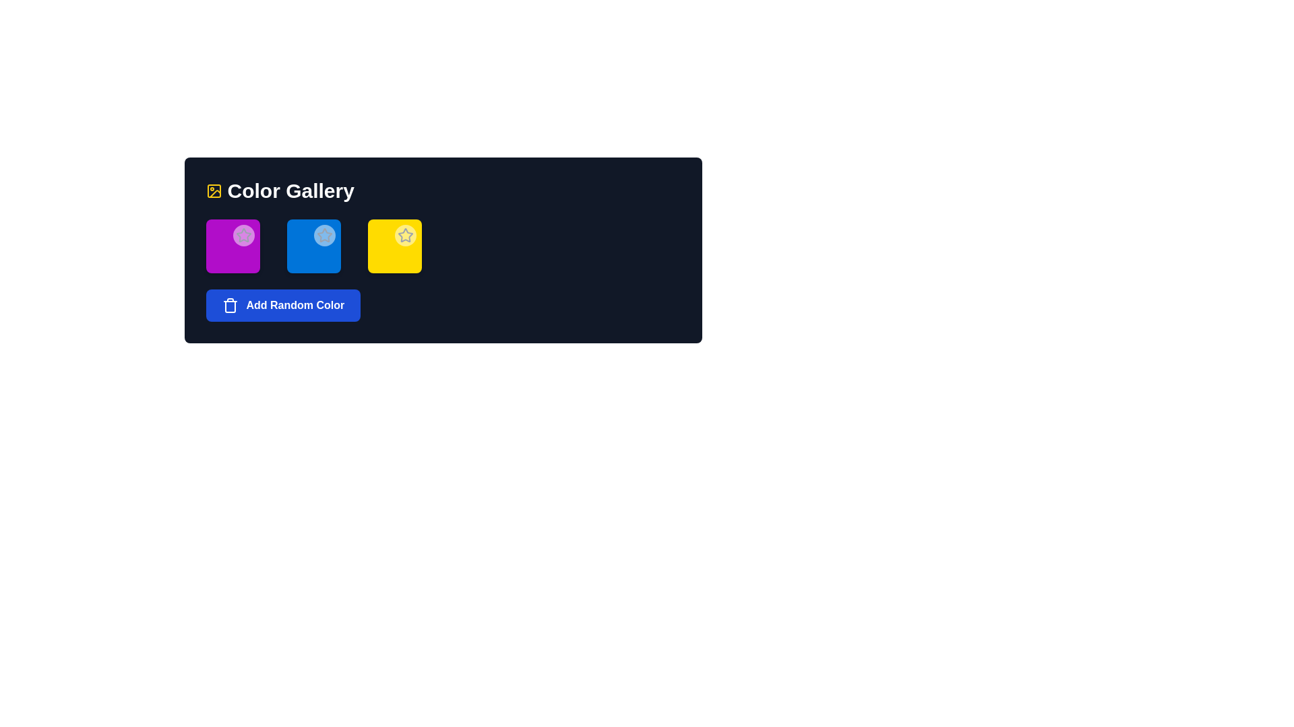  Describe the element at coordinates (213, 191) in the screenshot. I see `the central SVG rectangle that serves as a graphical icon component in the top-left corner of the primary content box` at that location.